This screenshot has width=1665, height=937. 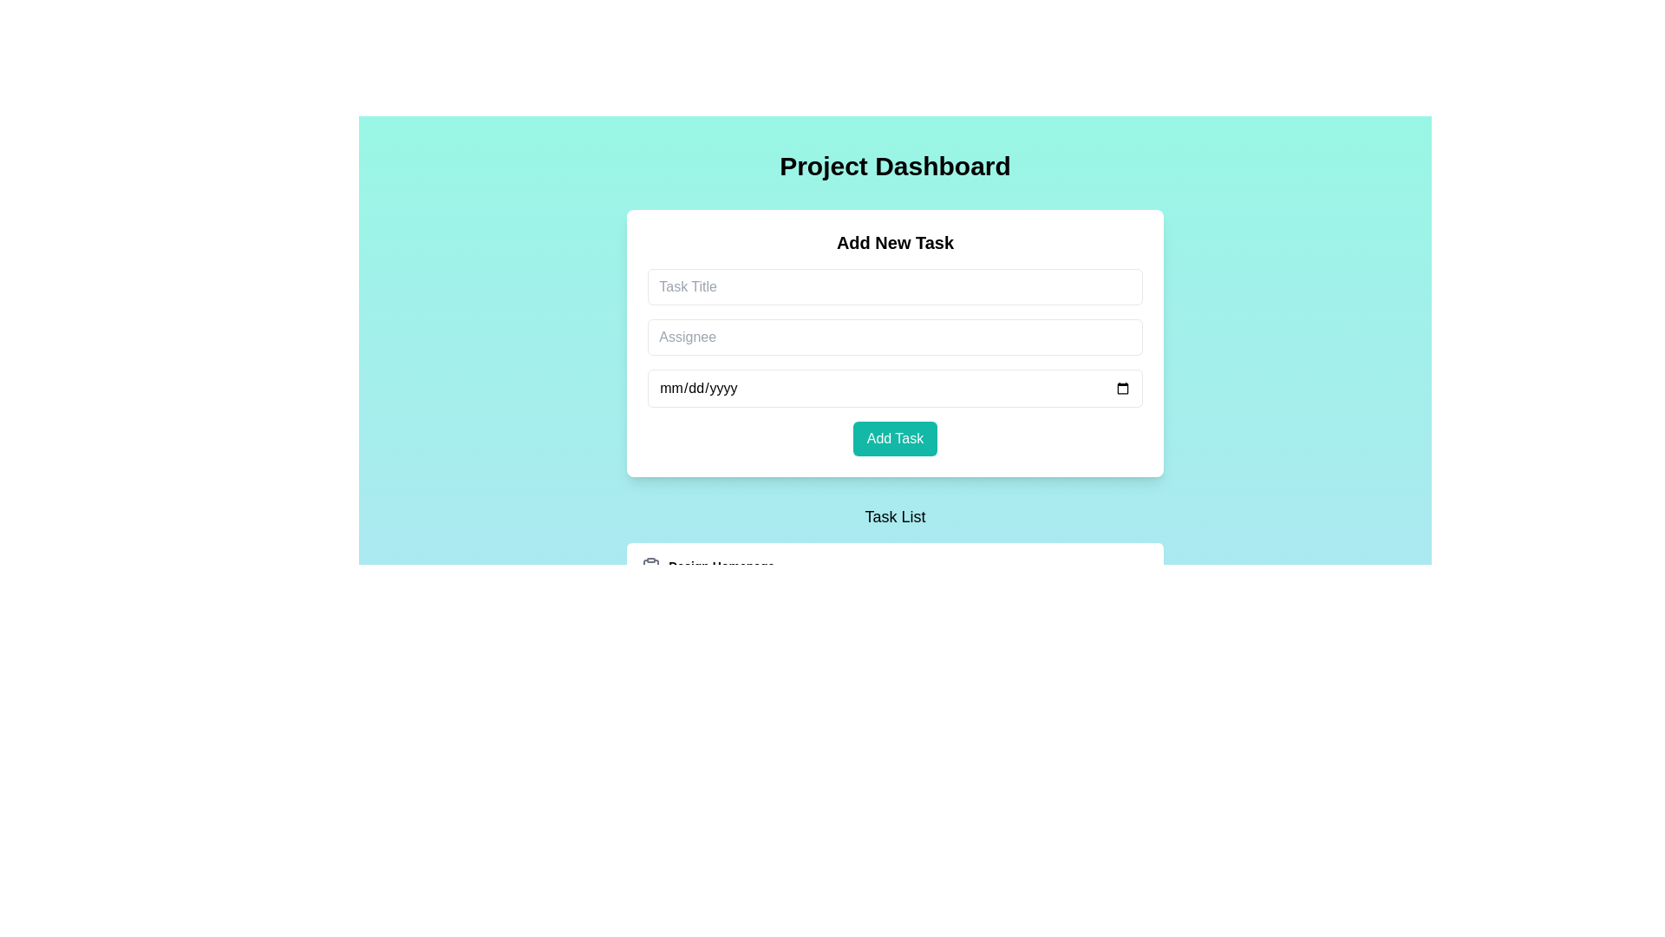 I want to click on the text header labeled 'Project Dashboard', which is styled in bold and large black font on a gradient teal-to-blue background, located at the top-center of the interface, so click(x=895, y=167).